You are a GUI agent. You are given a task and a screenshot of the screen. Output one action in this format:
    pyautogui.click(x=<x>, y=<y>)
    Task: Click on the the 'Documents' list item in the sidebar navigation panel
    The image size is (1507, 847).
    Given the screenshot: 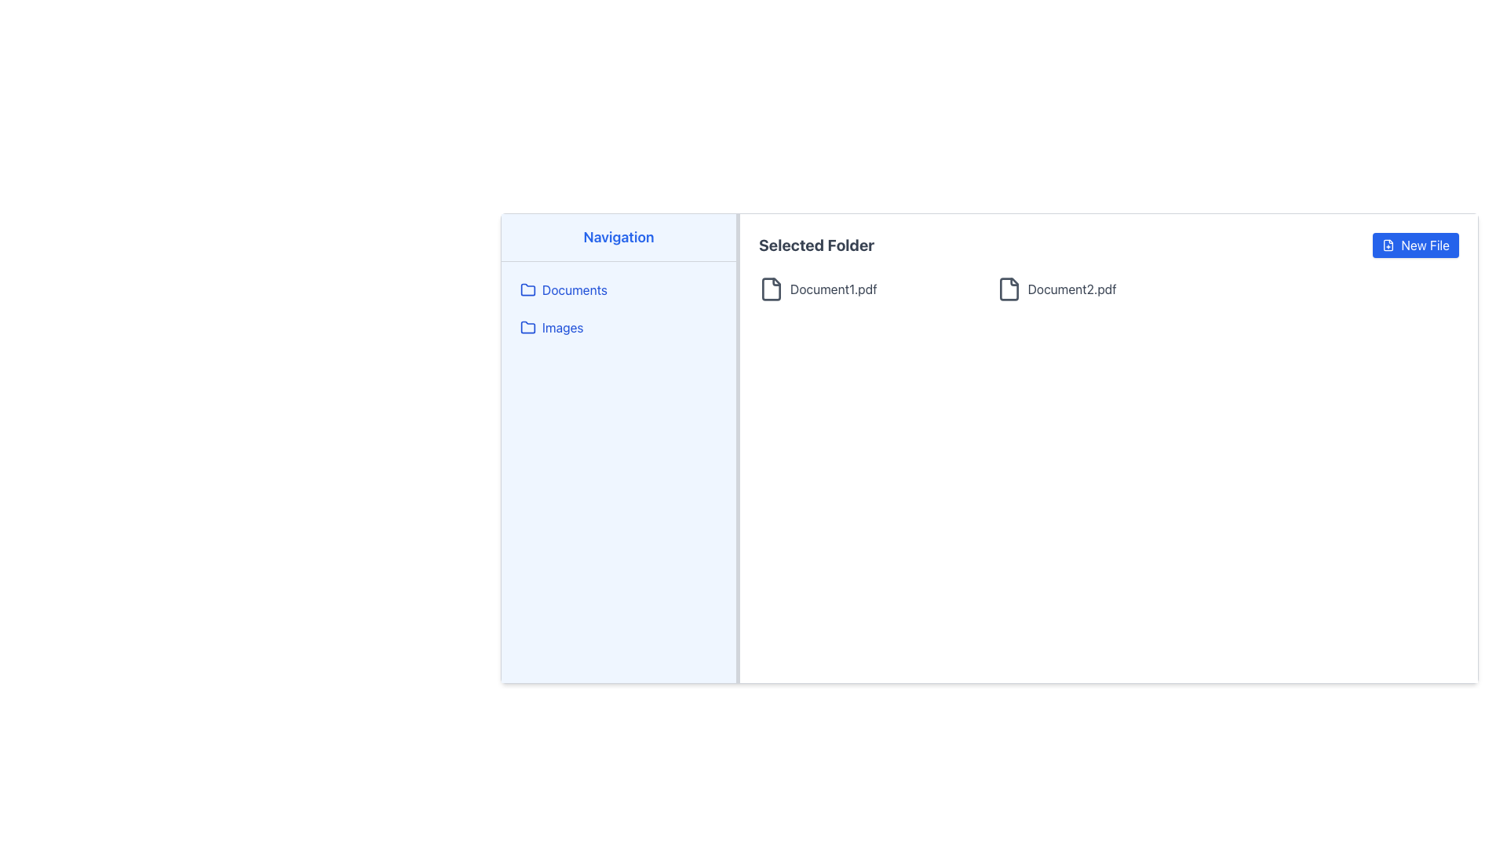 What is the action you would take?
    pyautogui.click(x=618, y=290)
    